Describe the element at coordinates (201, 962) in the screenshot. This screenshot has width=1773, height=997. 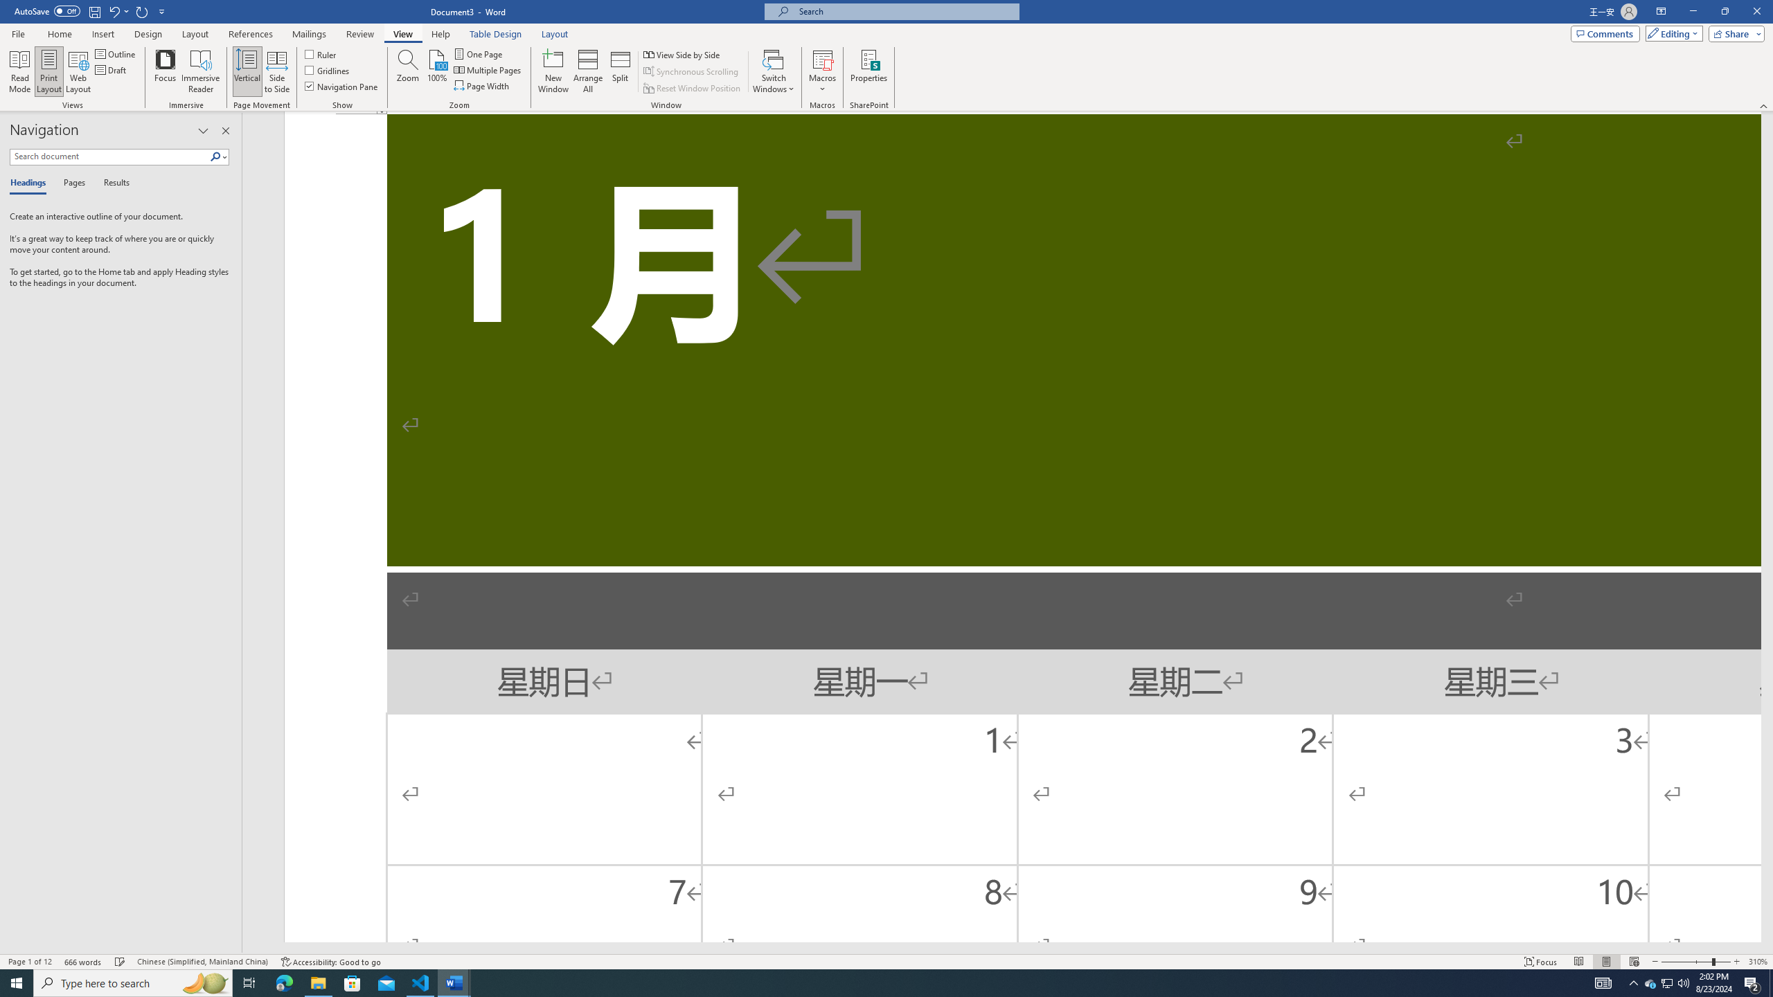
I see `'Language Chinese (Simplified, Mainland China)'` at that location.